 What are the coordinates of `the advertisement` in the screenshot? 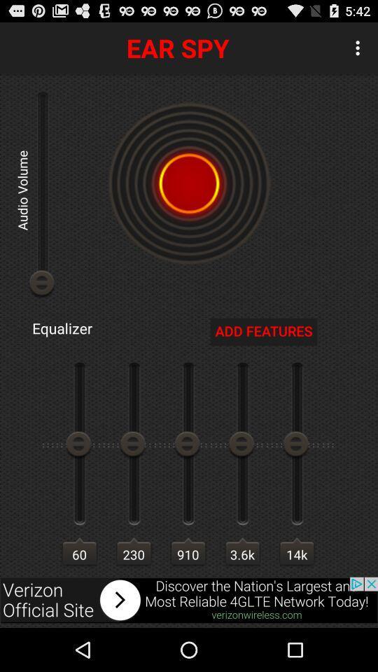 It's located at (189, 599).